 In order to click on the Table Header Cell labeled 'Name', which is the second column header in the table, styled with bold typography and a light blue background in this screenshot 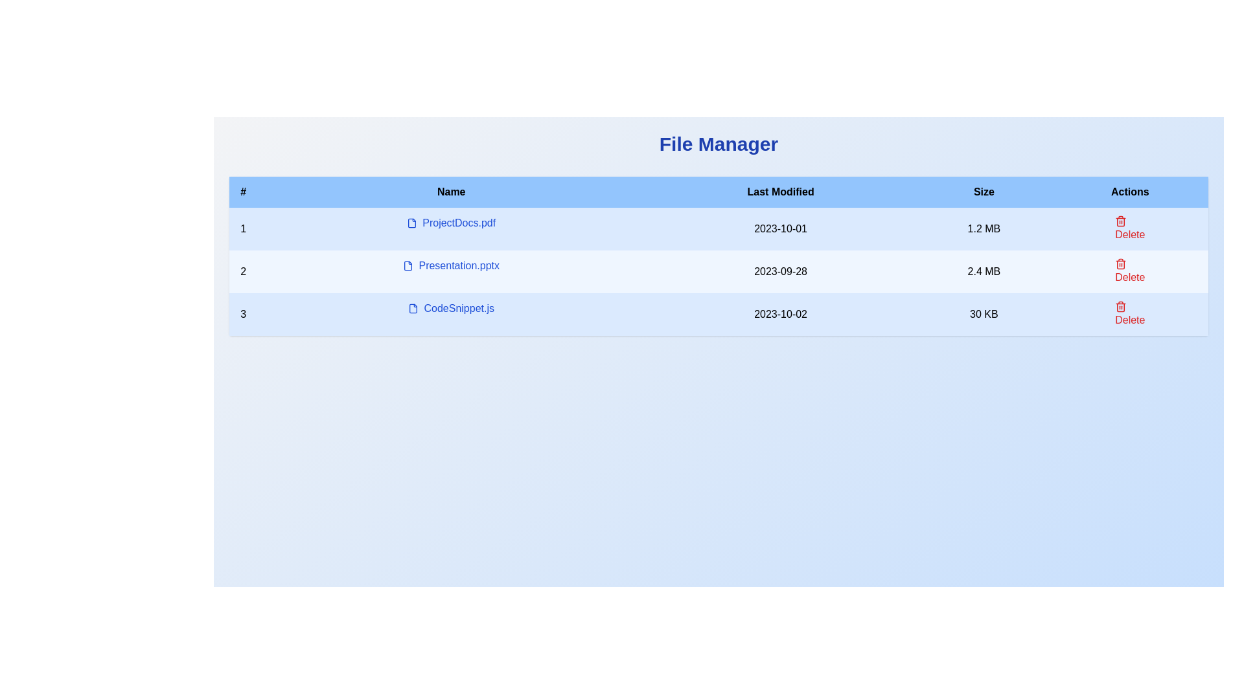, I will do `click(451, 192)`.